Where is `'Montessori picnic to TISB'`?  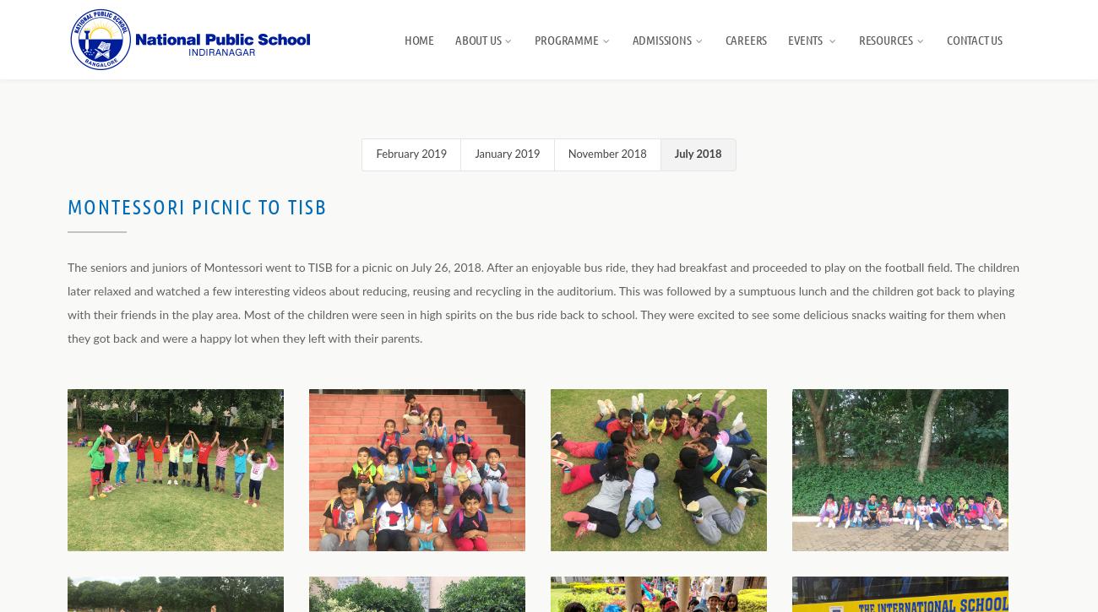
'Montessori picnic to TISB' is located at coordinates (197, 206).